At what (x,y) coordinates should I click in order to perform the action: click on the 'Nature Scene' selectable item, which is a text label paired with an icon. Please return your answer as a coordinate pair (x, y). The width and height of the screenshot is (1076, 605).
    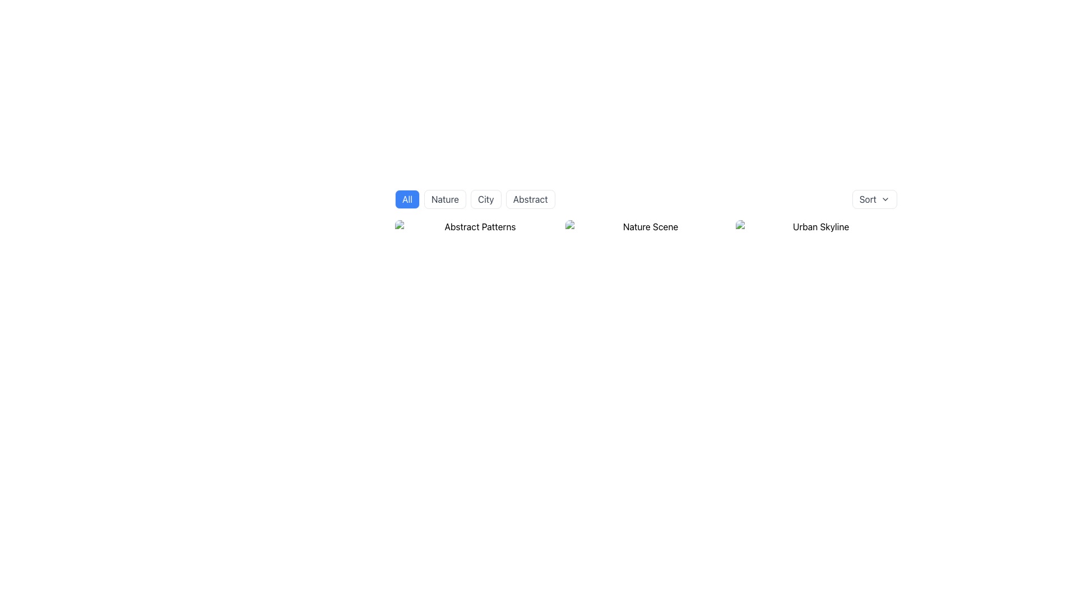
    Looking at the image, I should click on (646, 227).